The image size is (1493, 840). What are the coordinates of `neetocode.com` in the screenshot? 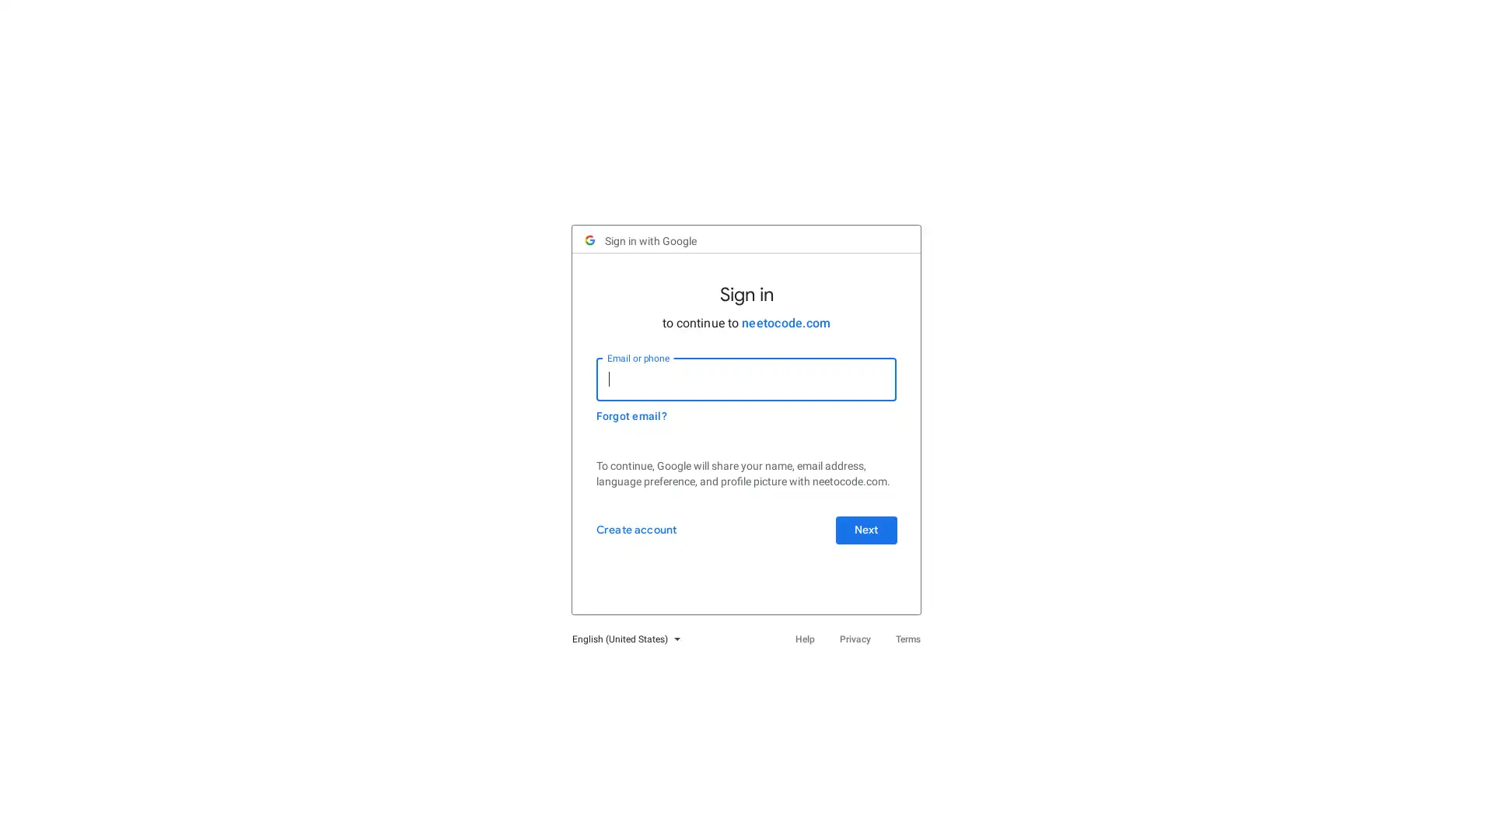 It's located at (786, 331).